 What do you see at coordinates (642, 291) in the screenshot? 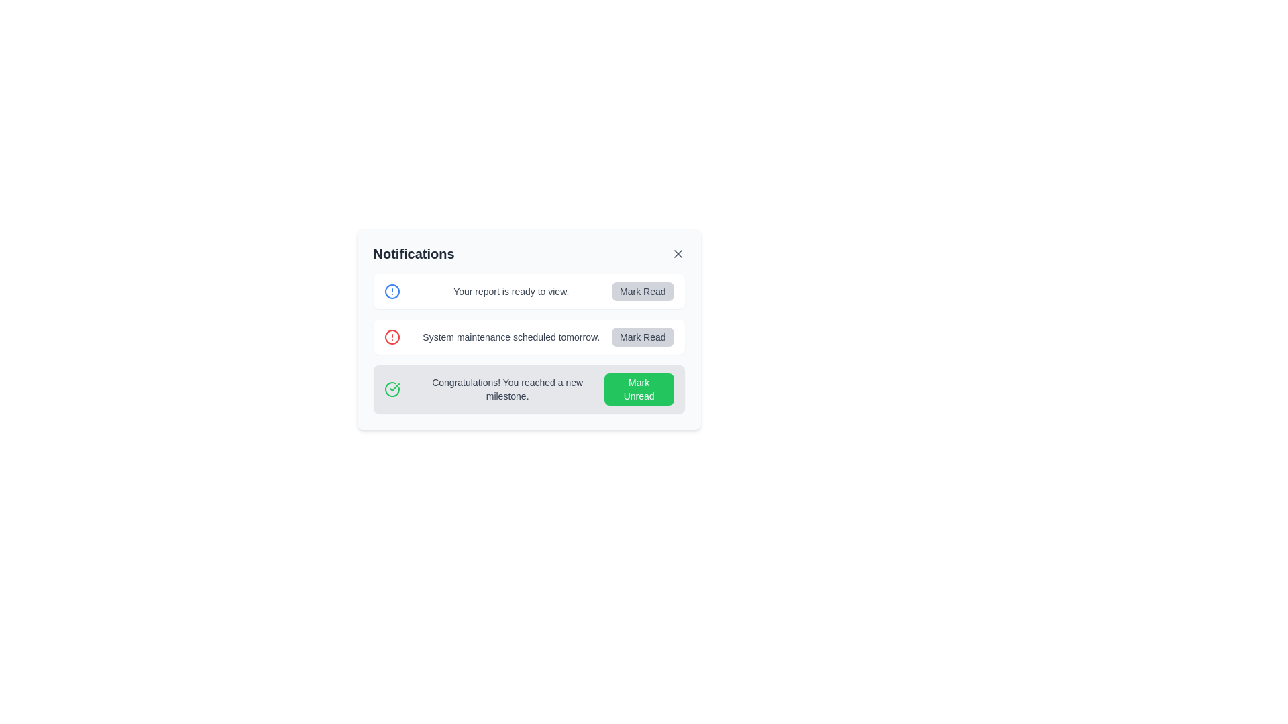
I see `the button located to the right of the text 'Your report is ready` at bounding box center [642, 291].